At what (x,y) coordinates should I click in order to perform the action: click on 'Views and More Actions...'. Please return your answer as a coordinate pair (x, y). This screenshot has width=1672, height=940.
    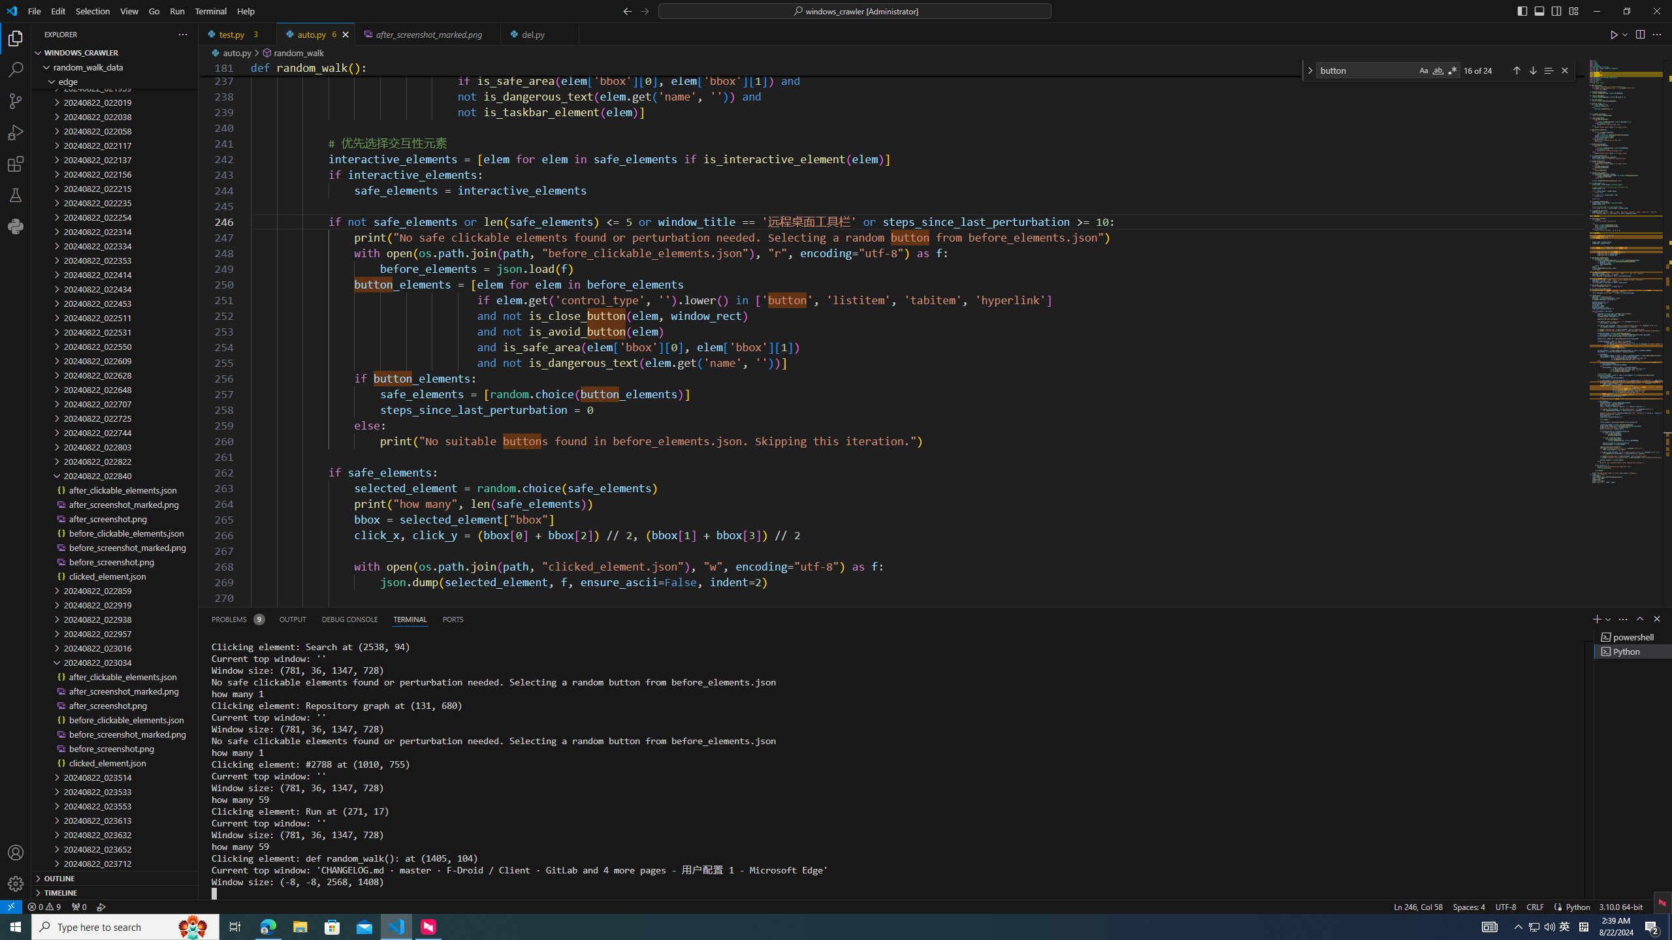
    Looking at the image, I should click on (1622, 618).